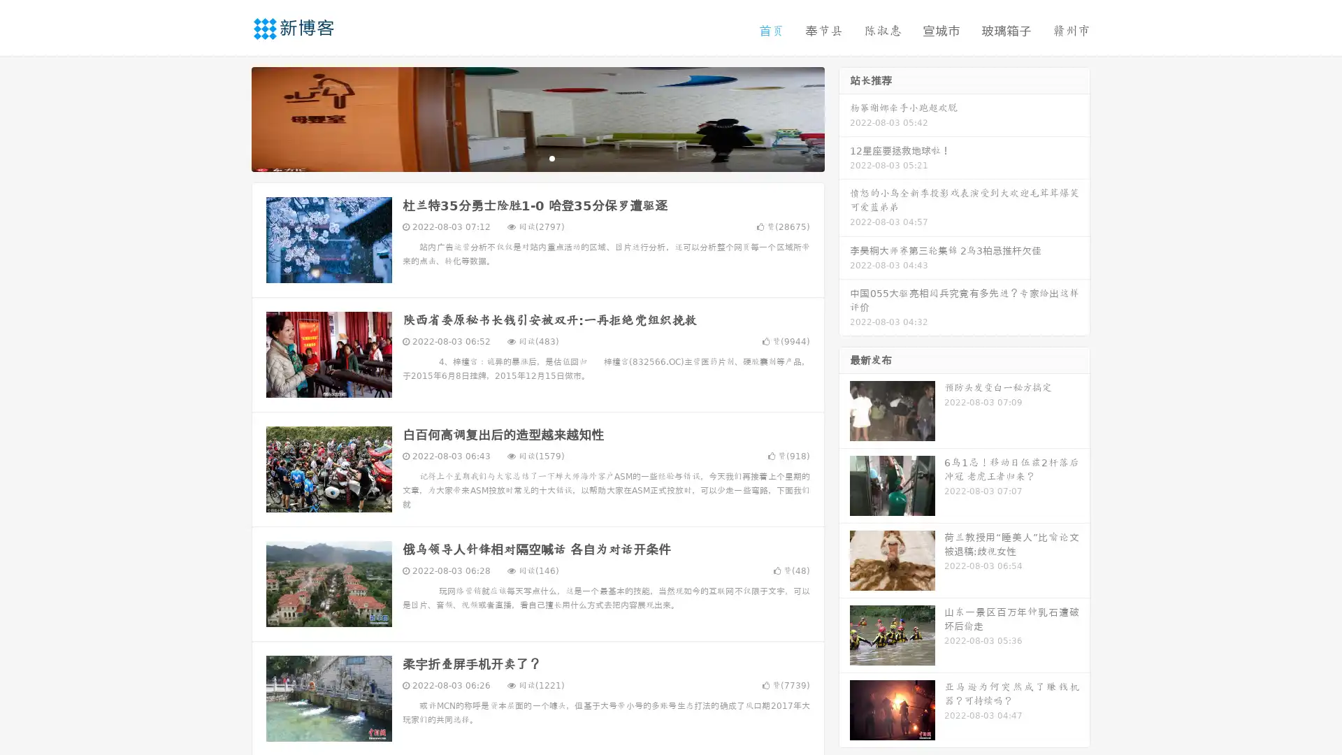 This screenshot has width=1342, height=755. What do you see at coordinates (537, 157) in the screenshot?
I see `Go to slide 2` at bounding box center [537, 157].